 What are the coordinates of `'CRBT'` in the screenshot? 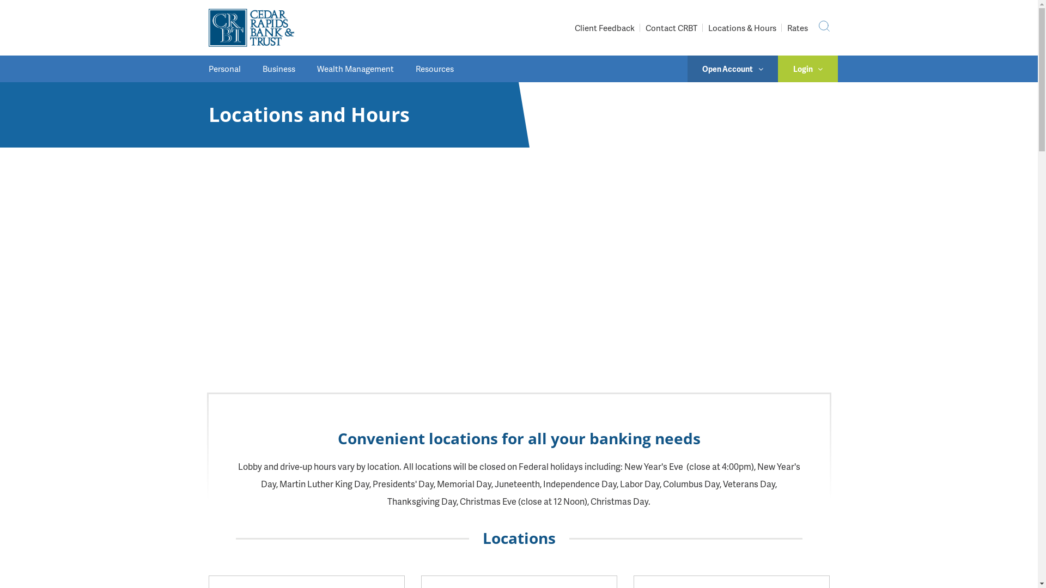 It's located at (208, 27).